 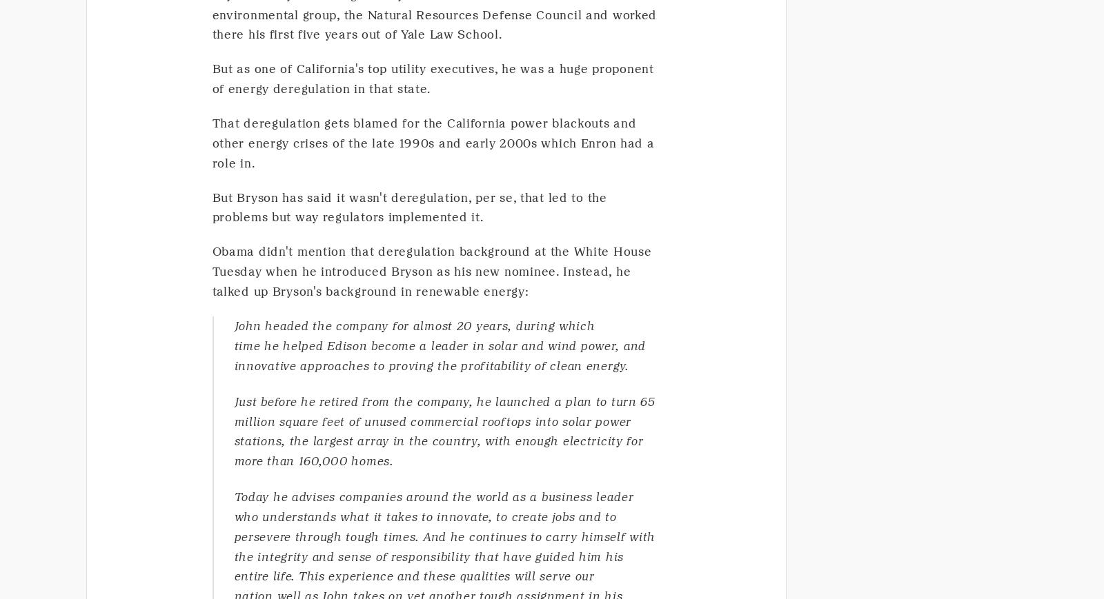 I want to click on 'But Bryson has said it wasn't deregulation, per se, that led to the problems but way regulators implemented it.', so click(x=212, y=206).